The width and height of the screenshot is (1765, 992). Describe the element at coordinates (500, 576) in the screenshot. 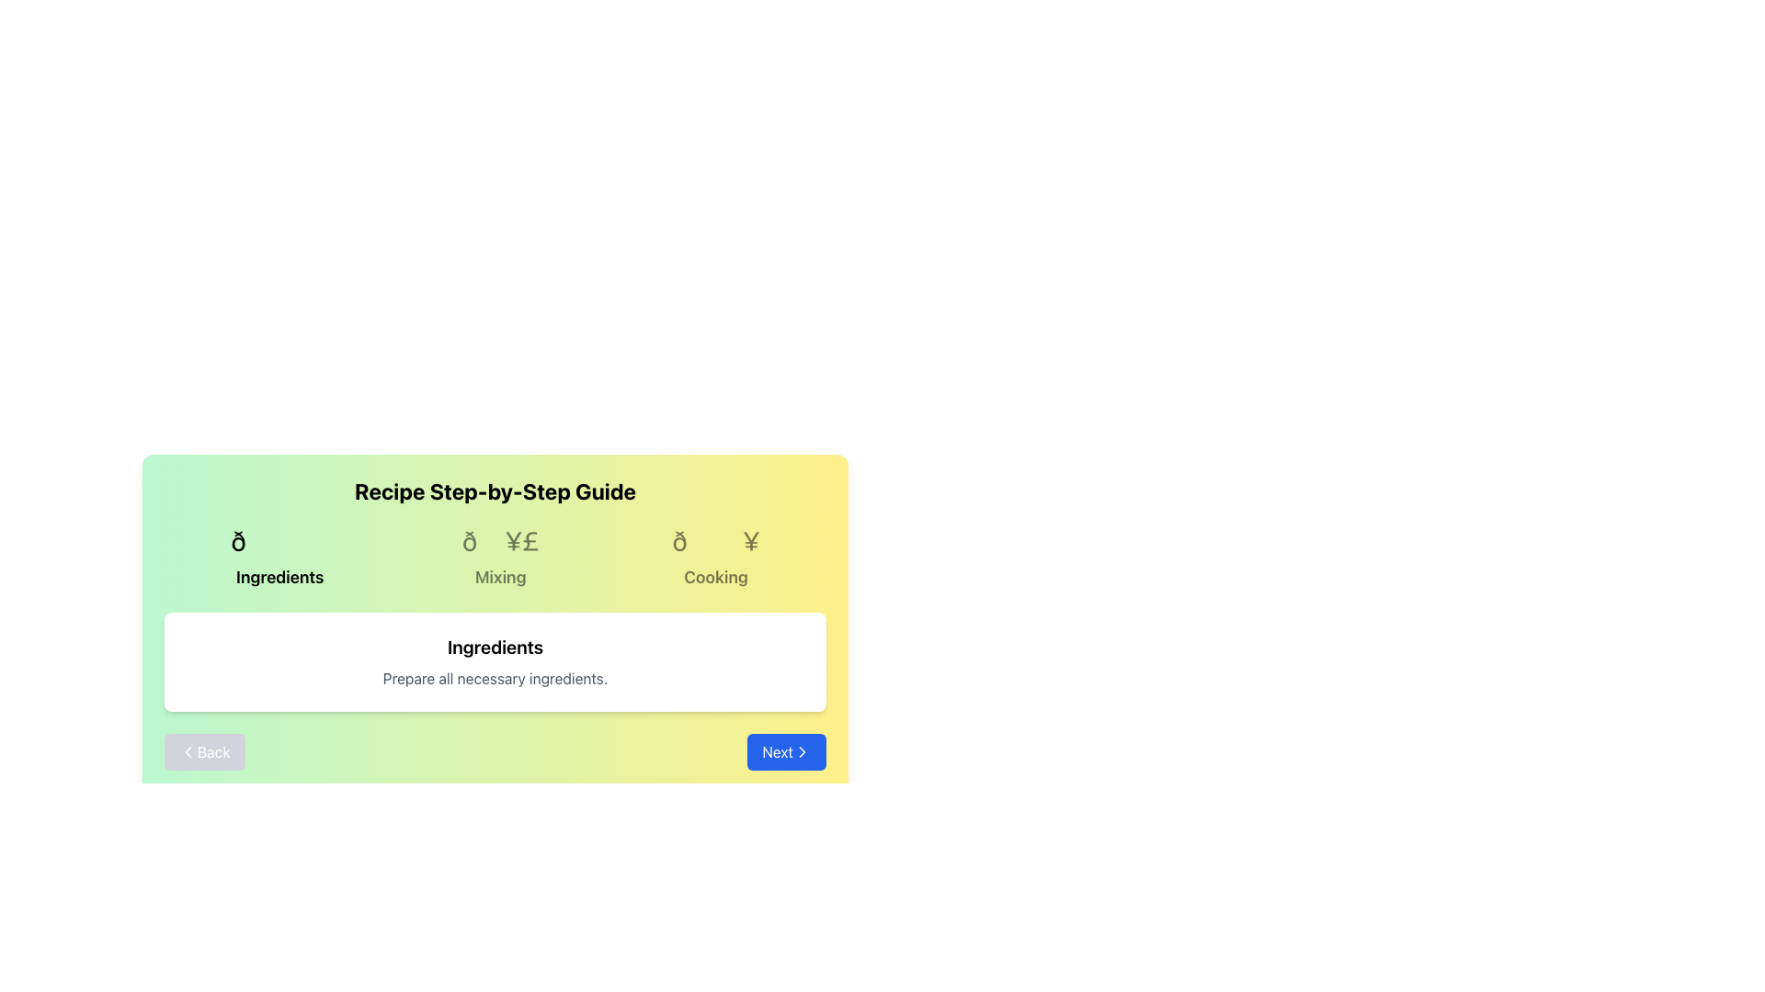

I see `the text label 'Mixing' which is a larger, bold font centrally positioned below an emoji in the top section of the interface` at that location.